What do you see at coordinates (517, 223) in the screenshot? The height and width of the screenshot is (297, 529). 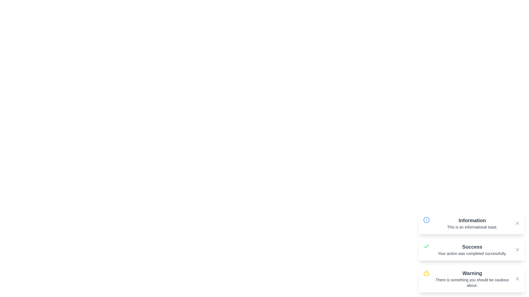 I see `the interactive close button in the shape of an 'X' located at the top-right corner of the 'Information' notification card to change its style` at bounding box center [517, 223].